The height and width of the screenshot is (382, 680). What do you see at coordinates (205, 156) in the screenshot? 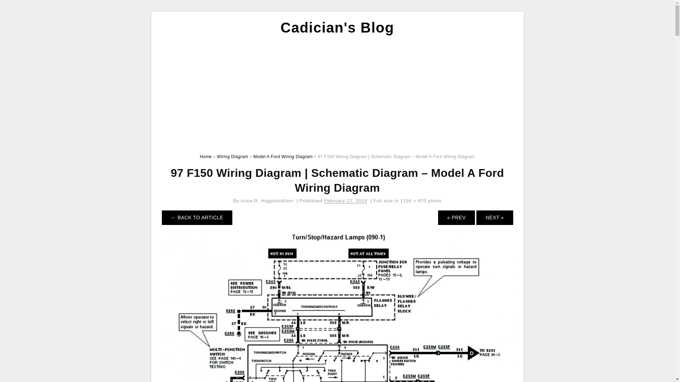
I see `'Home'` at bounding box center [205, 156].